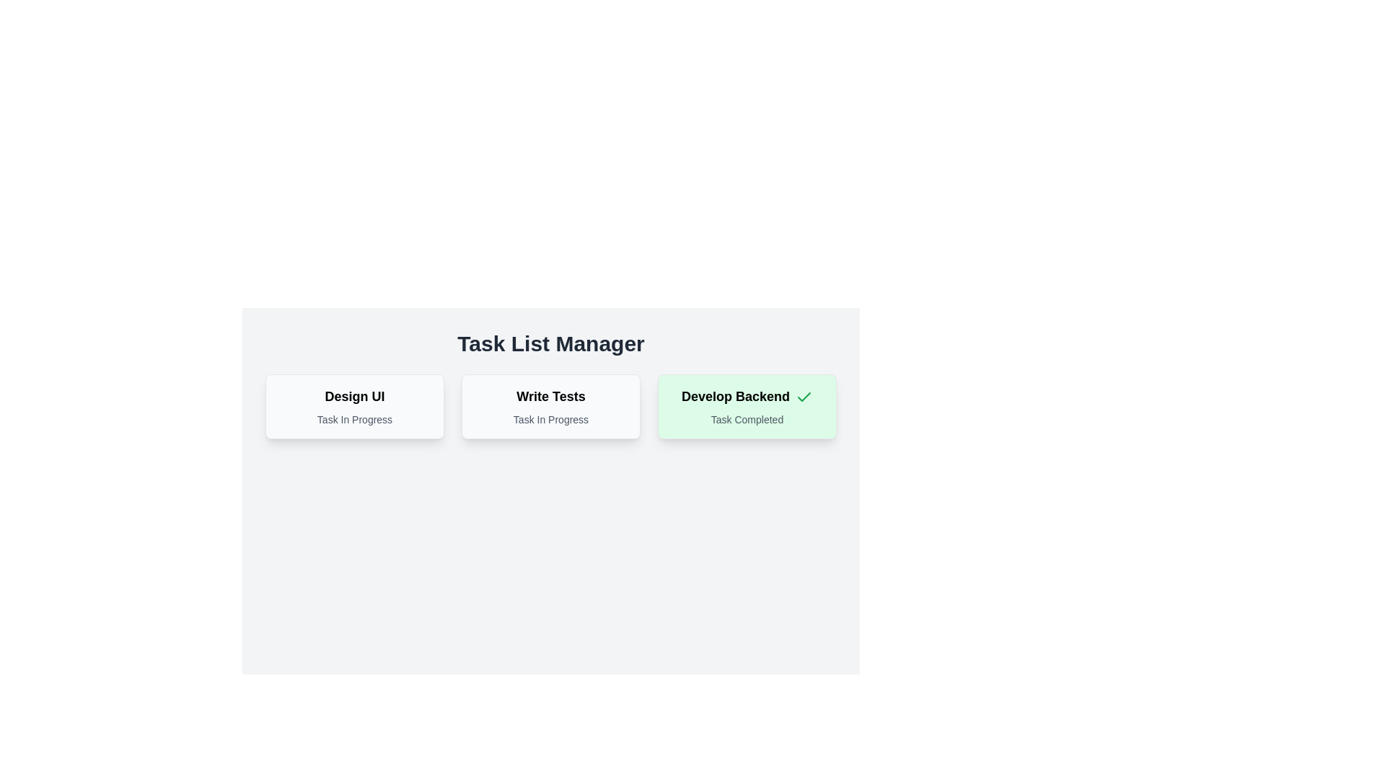  What do you see at coordinates (747, 420) in the screenshot?
I see `the static text label indicating task completion at the bottom of the green-highlighted 'Develop Backend' task card` at bounding box center [747, 420].